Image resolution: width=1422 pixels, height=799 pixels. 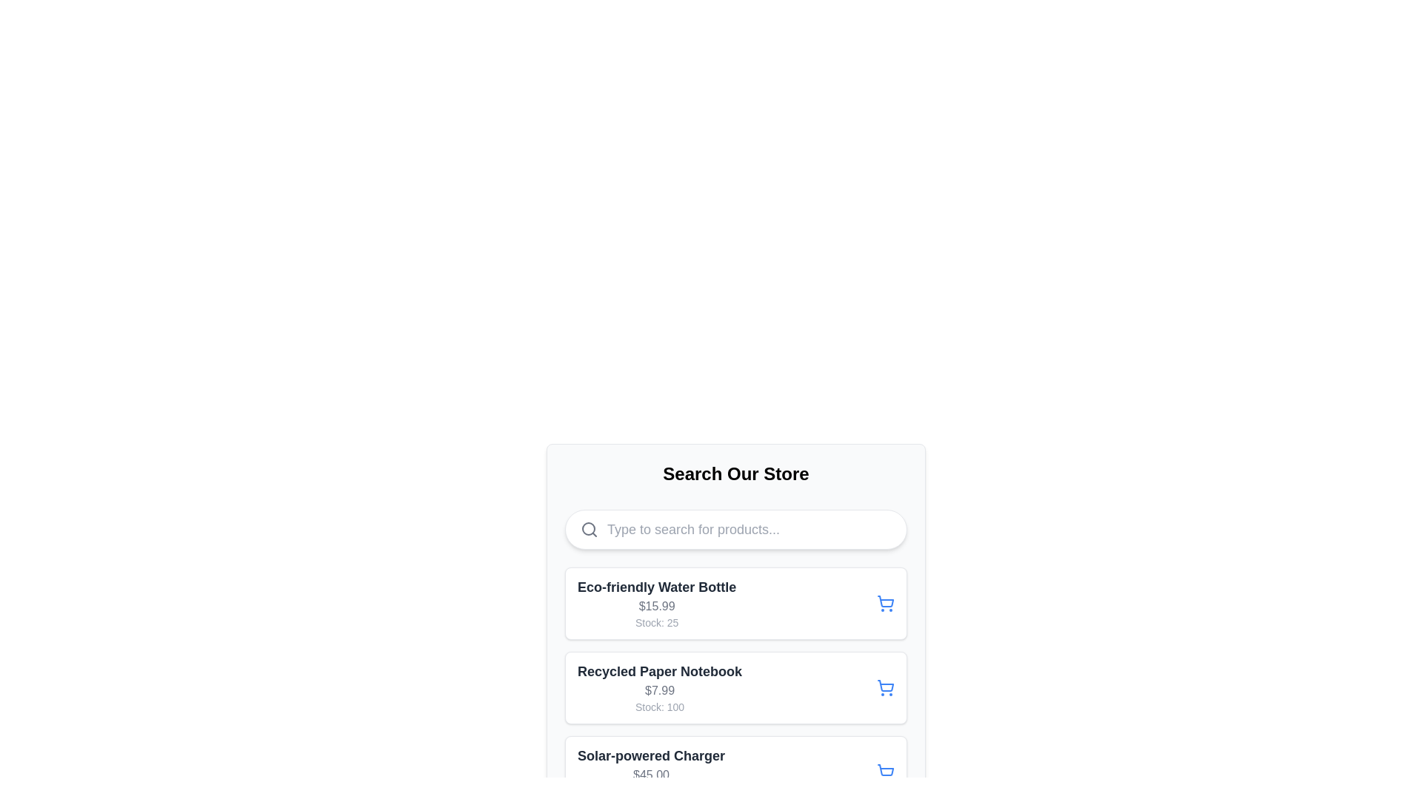 I want to click on the non-interactive price label displaying the price of the 'Recycled Paper Notebook', which is centrally located below the product title, so click(x=659, y=690).